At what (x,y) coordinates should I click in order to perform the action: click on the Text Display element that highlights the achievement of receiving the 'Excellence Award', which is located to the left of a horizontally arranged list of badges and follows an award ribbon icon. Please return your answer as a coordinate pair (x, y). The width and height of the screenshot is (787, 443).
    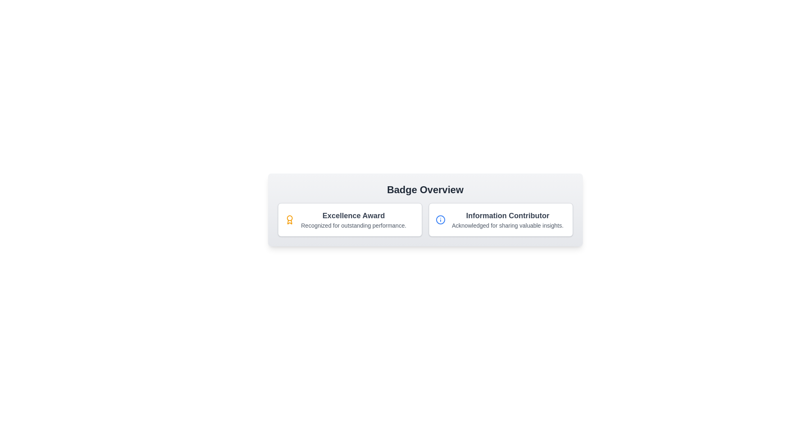
    Looking at the image, I should click on (353, 219).